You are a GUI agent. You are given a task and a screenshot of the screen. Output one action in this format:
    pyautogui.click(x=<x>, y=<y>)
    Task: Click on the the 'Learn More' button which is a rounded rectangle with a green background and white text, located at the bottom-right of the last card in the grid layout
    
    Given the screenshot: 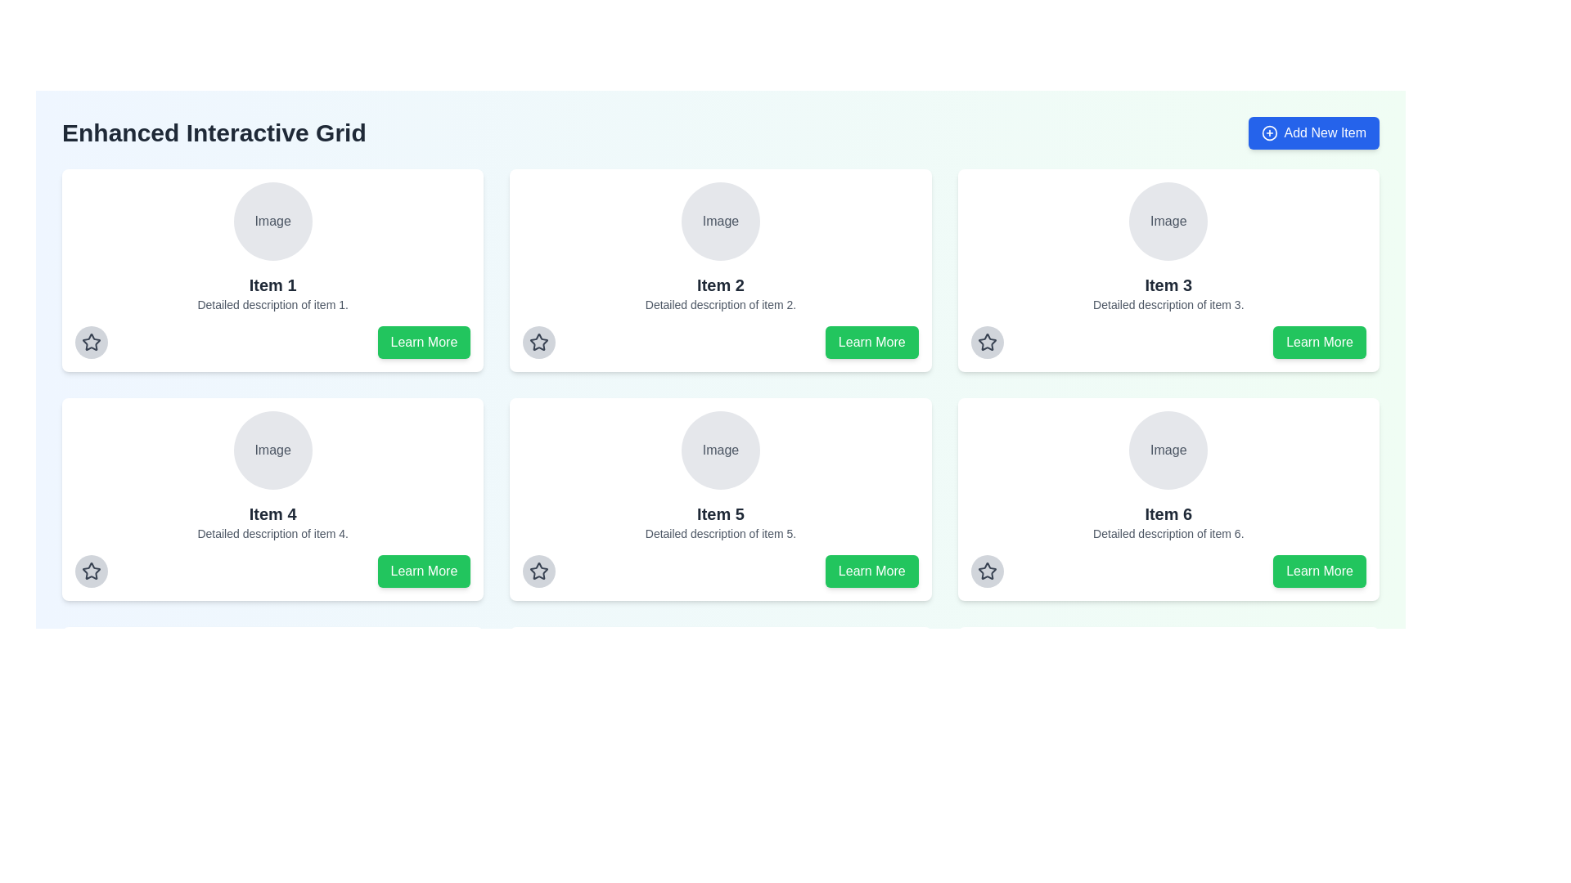 What is the action you would take?
    pyautogui.click(x=1319, y=570)
    